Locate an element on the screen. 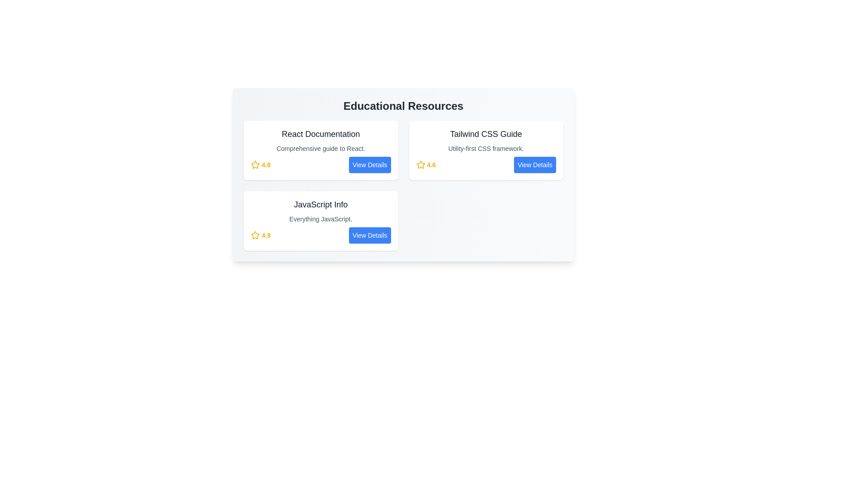 Image resolution: width=868 pixels, height=488 pixels. the 'View Details' button for the resource titled 'JavaScript Info' is located at coordinates (369, 235).